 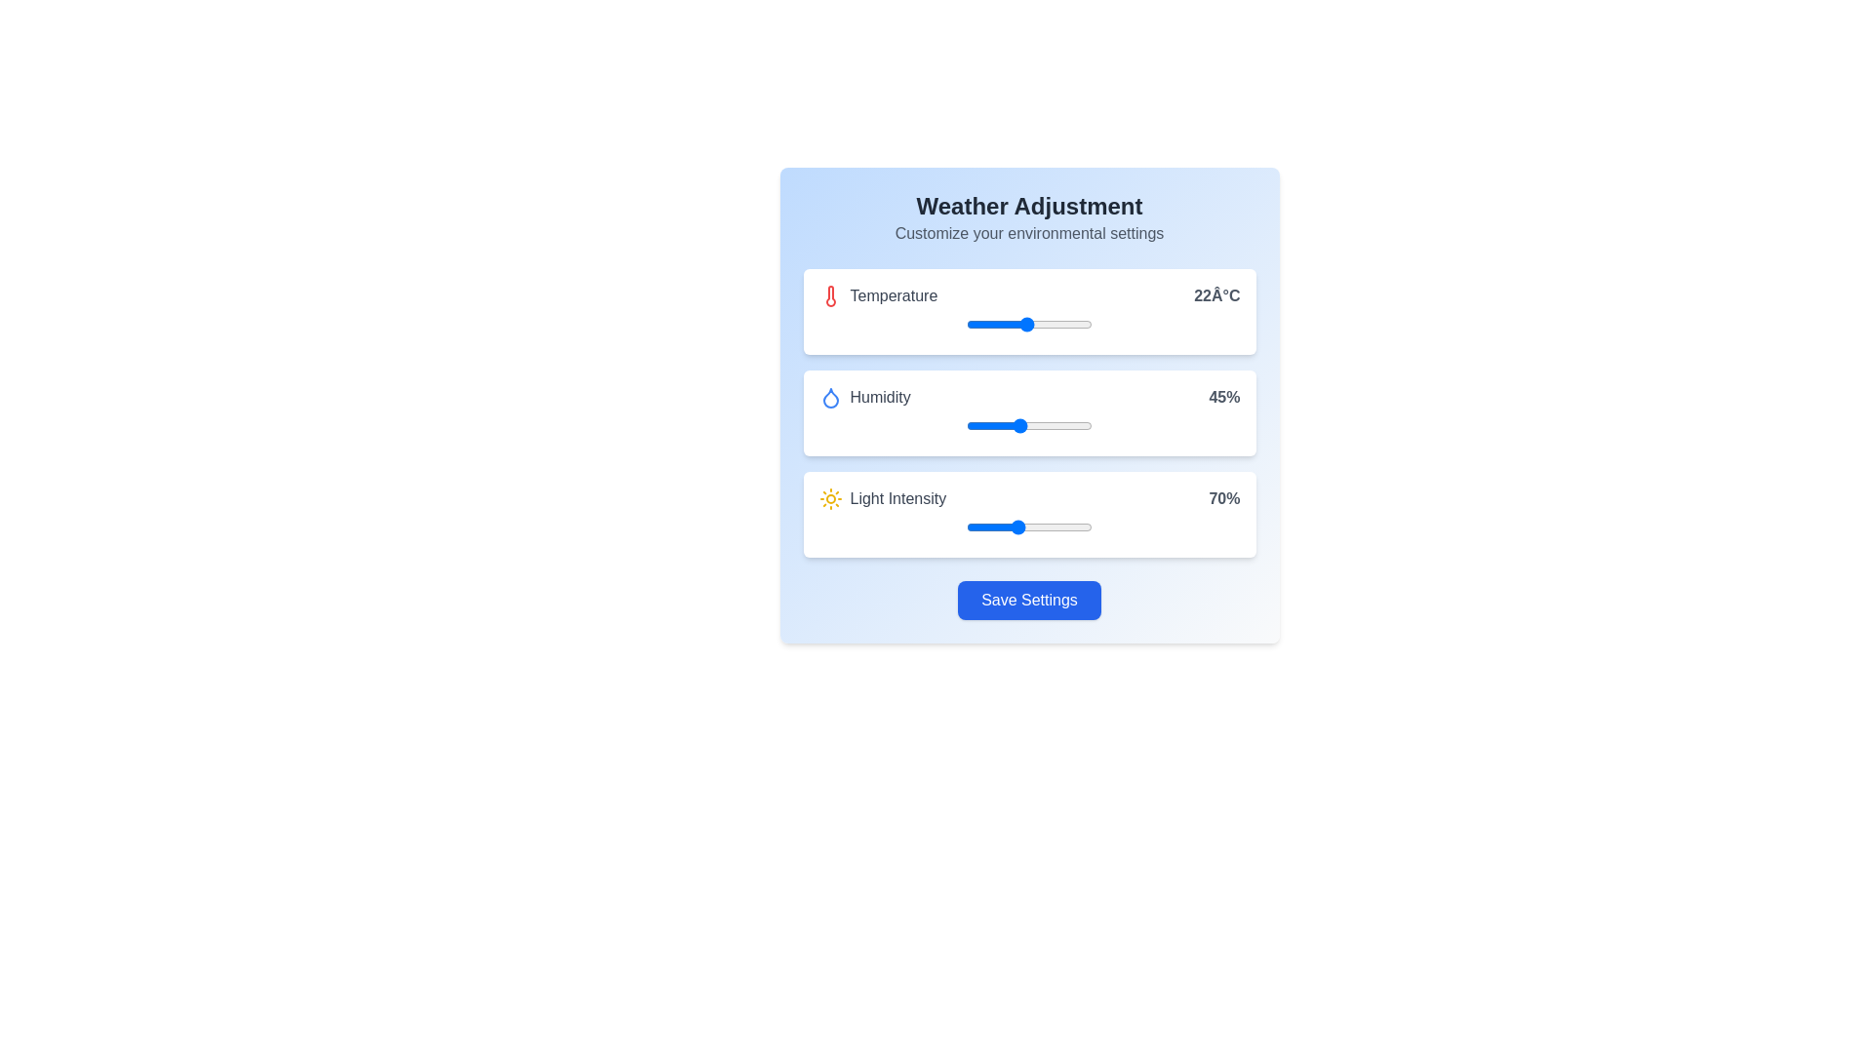 What do you see at coordinates (830, 498) in the screenshot?
I see `the sun icon, which is colored yellow and represents light intensity, located to the left of the 'Light Intensity' label in the third group of settings` at bounding box center [830, 498].